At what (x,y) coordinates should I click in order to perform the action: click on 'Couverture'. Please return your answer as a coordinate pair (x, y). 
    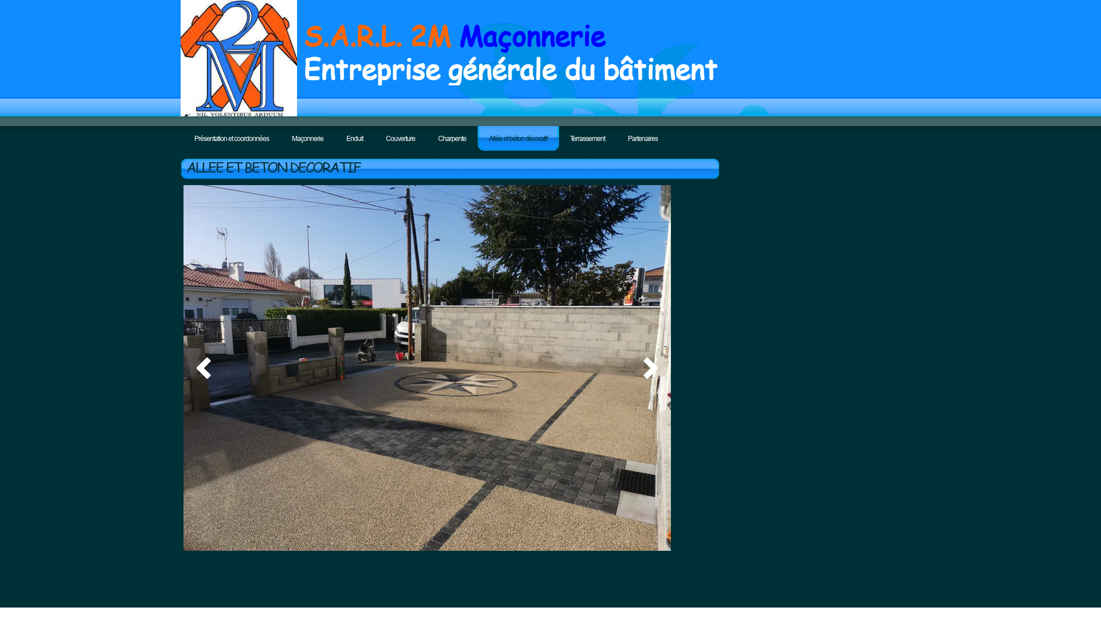
    Looking at the image, I should click on (400, 138).